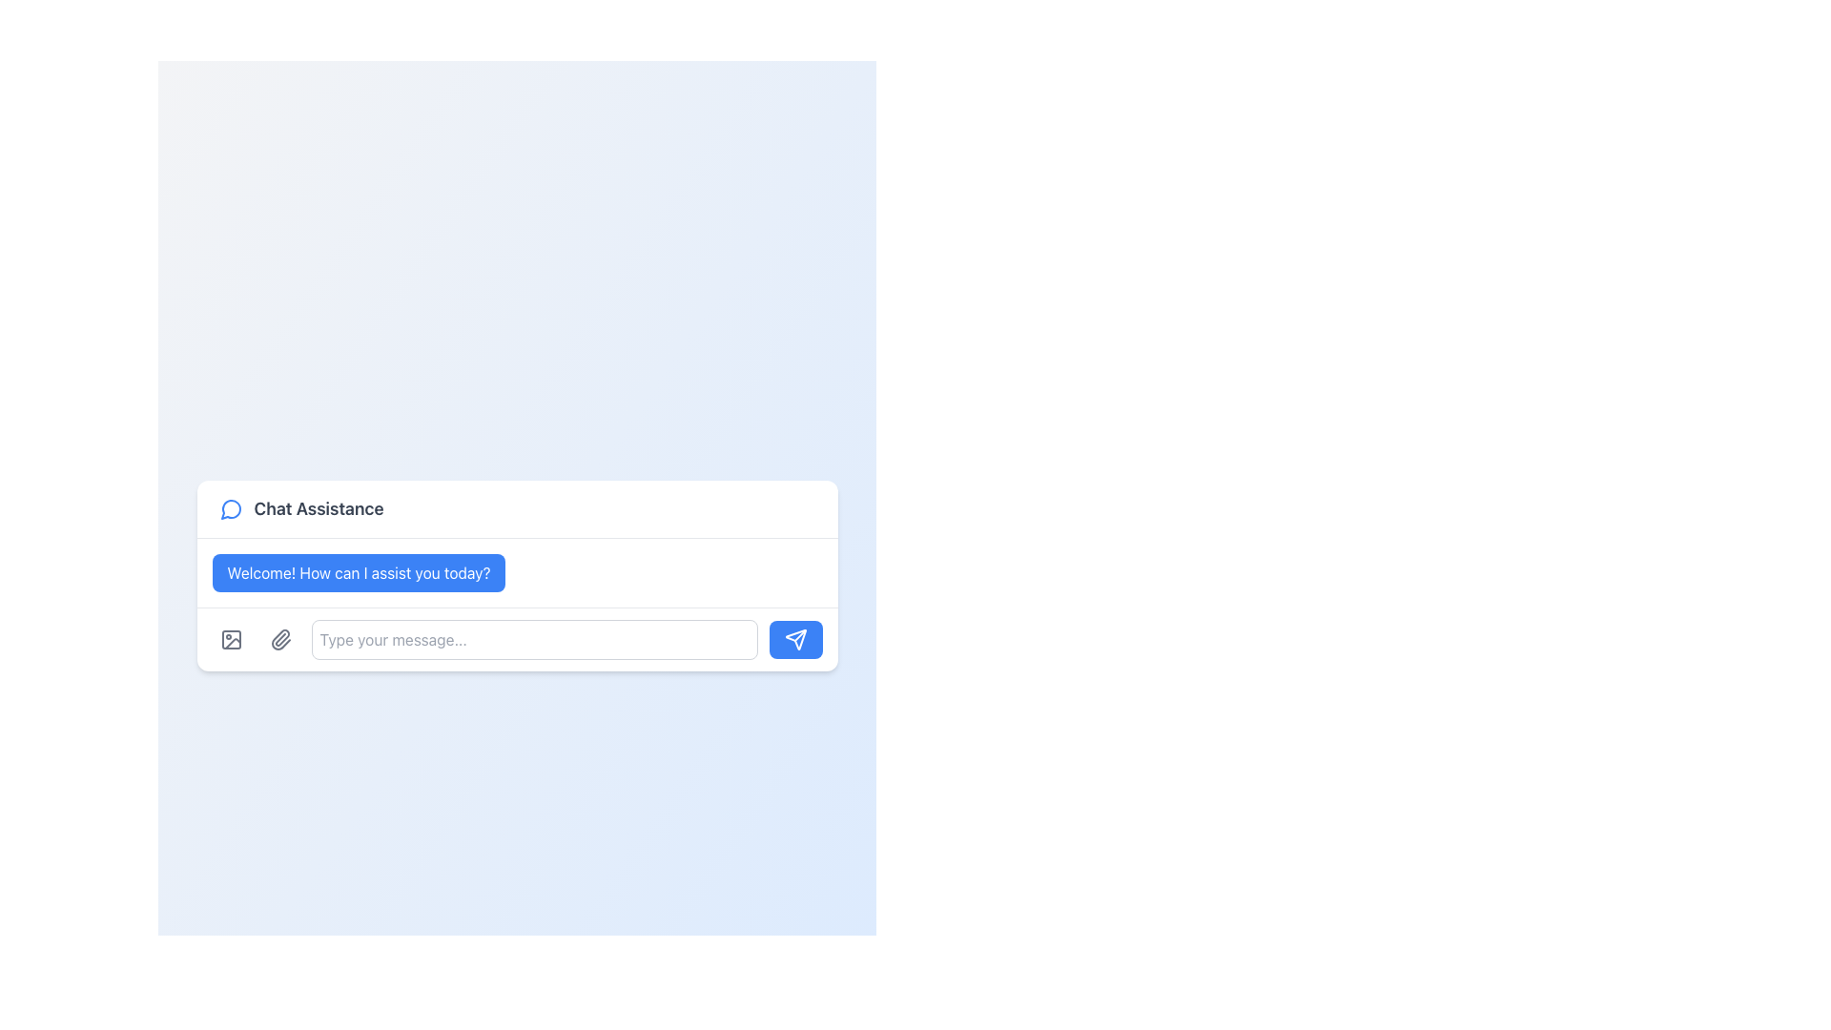 This screenshot has width=1831, height=1030. I want to click on the Interactive Button with Icon, so click(279, 640).